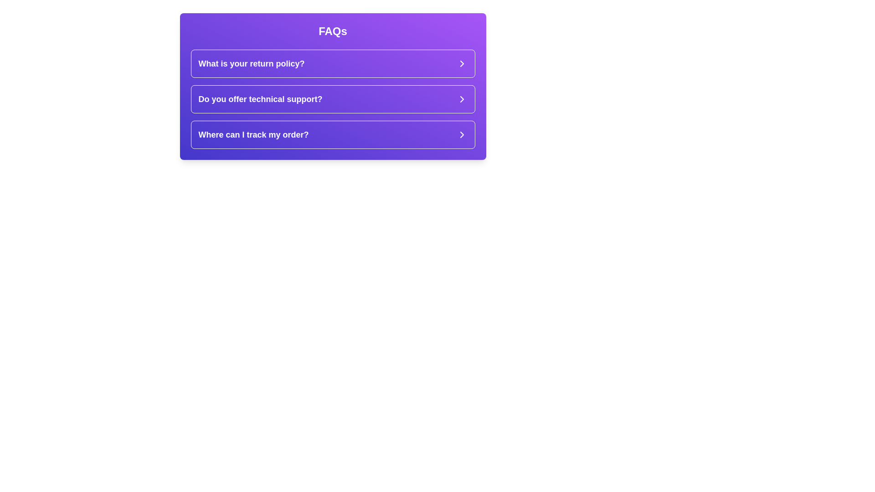 This screenshot has height=492, width=875. Describe the element at coordinates (332, 63) in the screenshot. I see `the first FAQ item regarding 'What is your return policy?'` at that location.